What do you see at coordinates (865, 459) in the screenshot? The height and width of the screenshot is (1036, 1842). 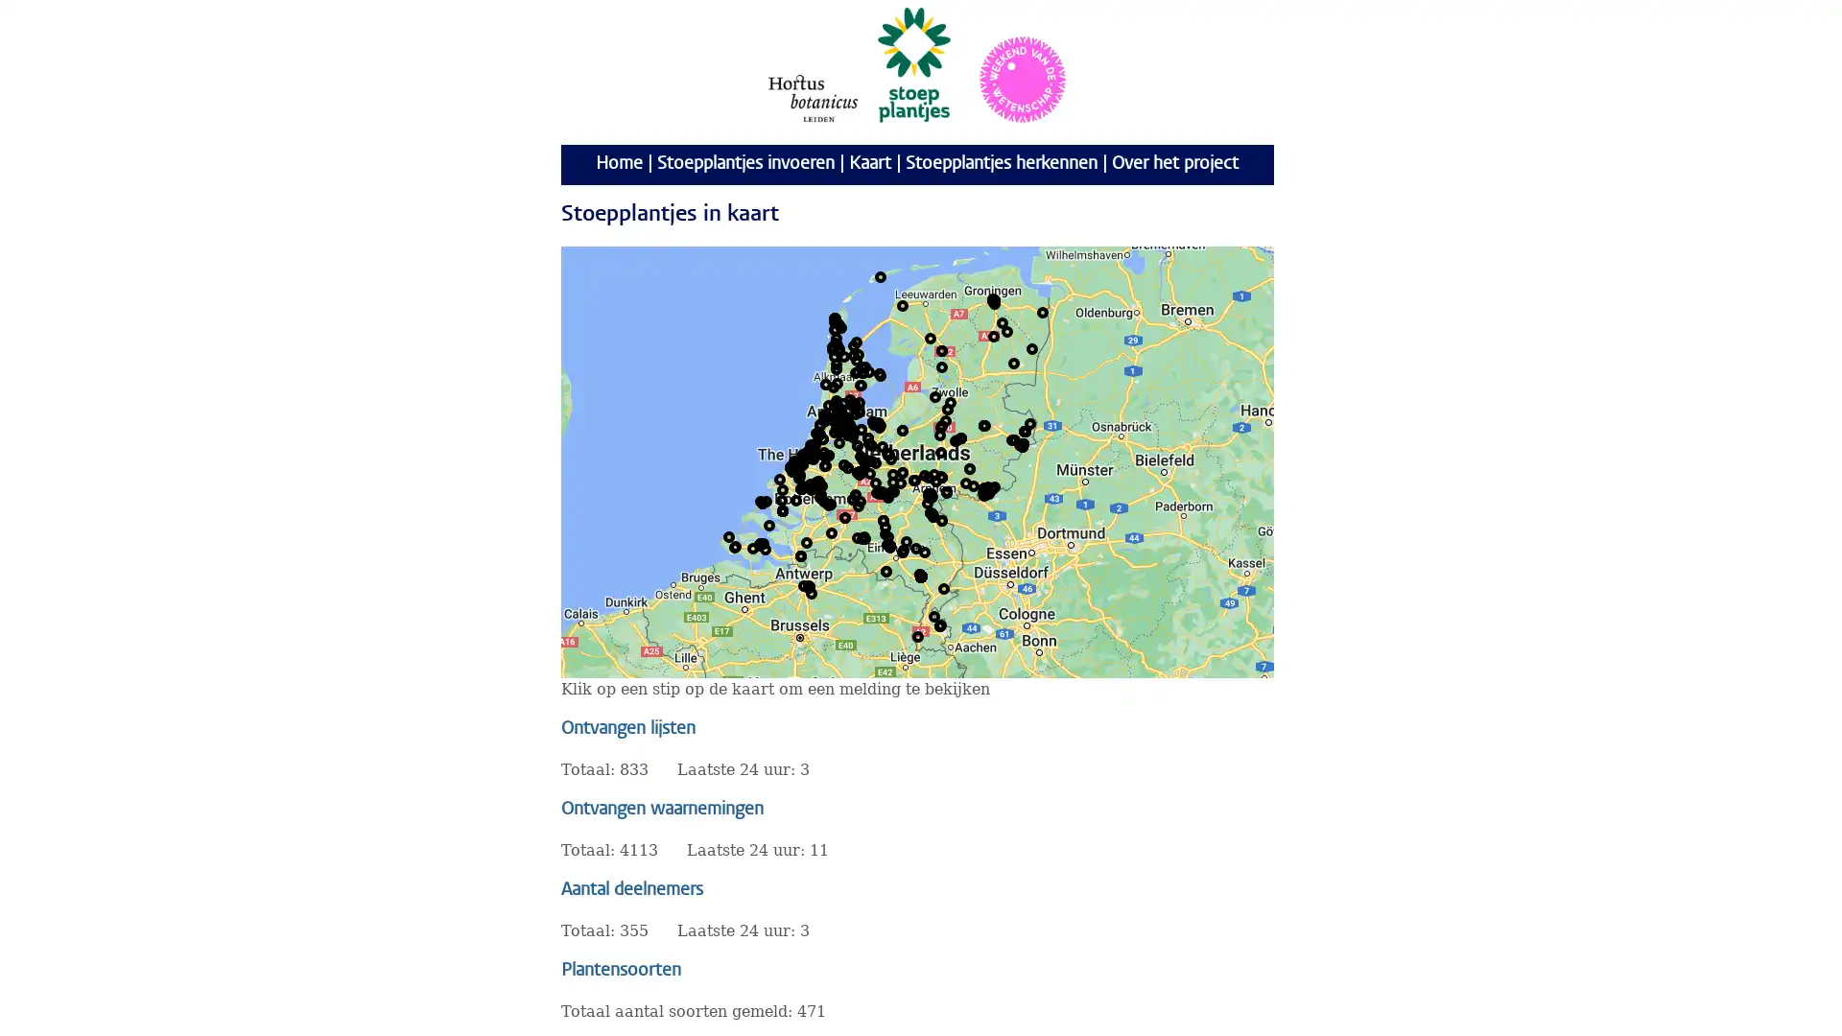 I see `Telling van Wouter op 03 november 2021` at bounding box center [865, 459].